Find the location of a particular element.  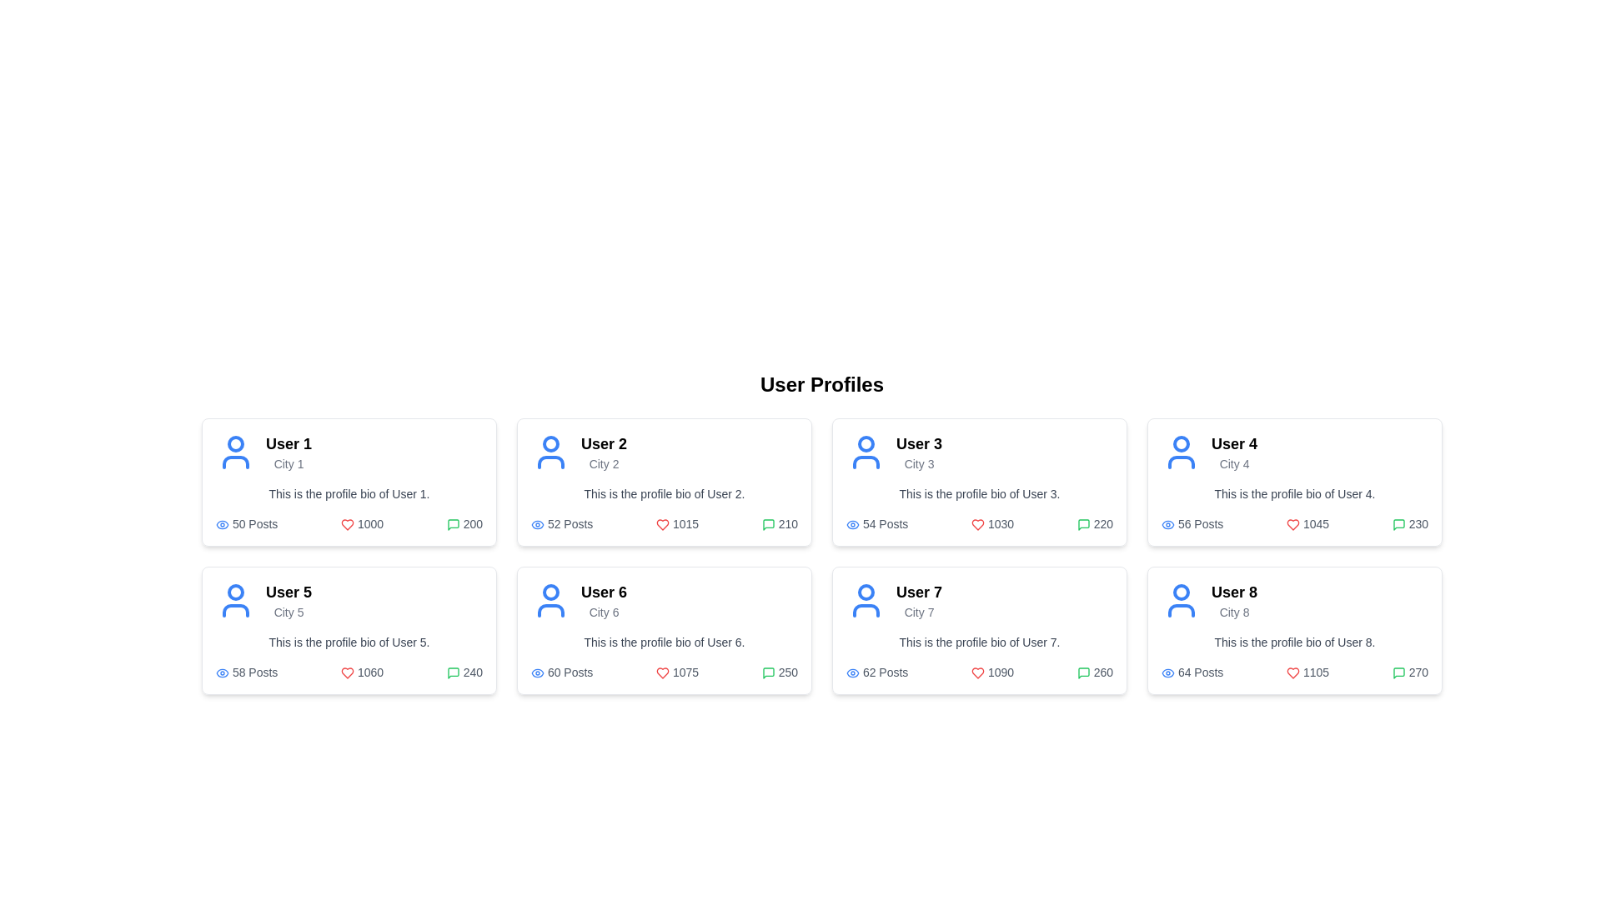

the Profile Card for 'User 2', which displays their name, location, and interaction statistics is located at coordinates (663, 482).